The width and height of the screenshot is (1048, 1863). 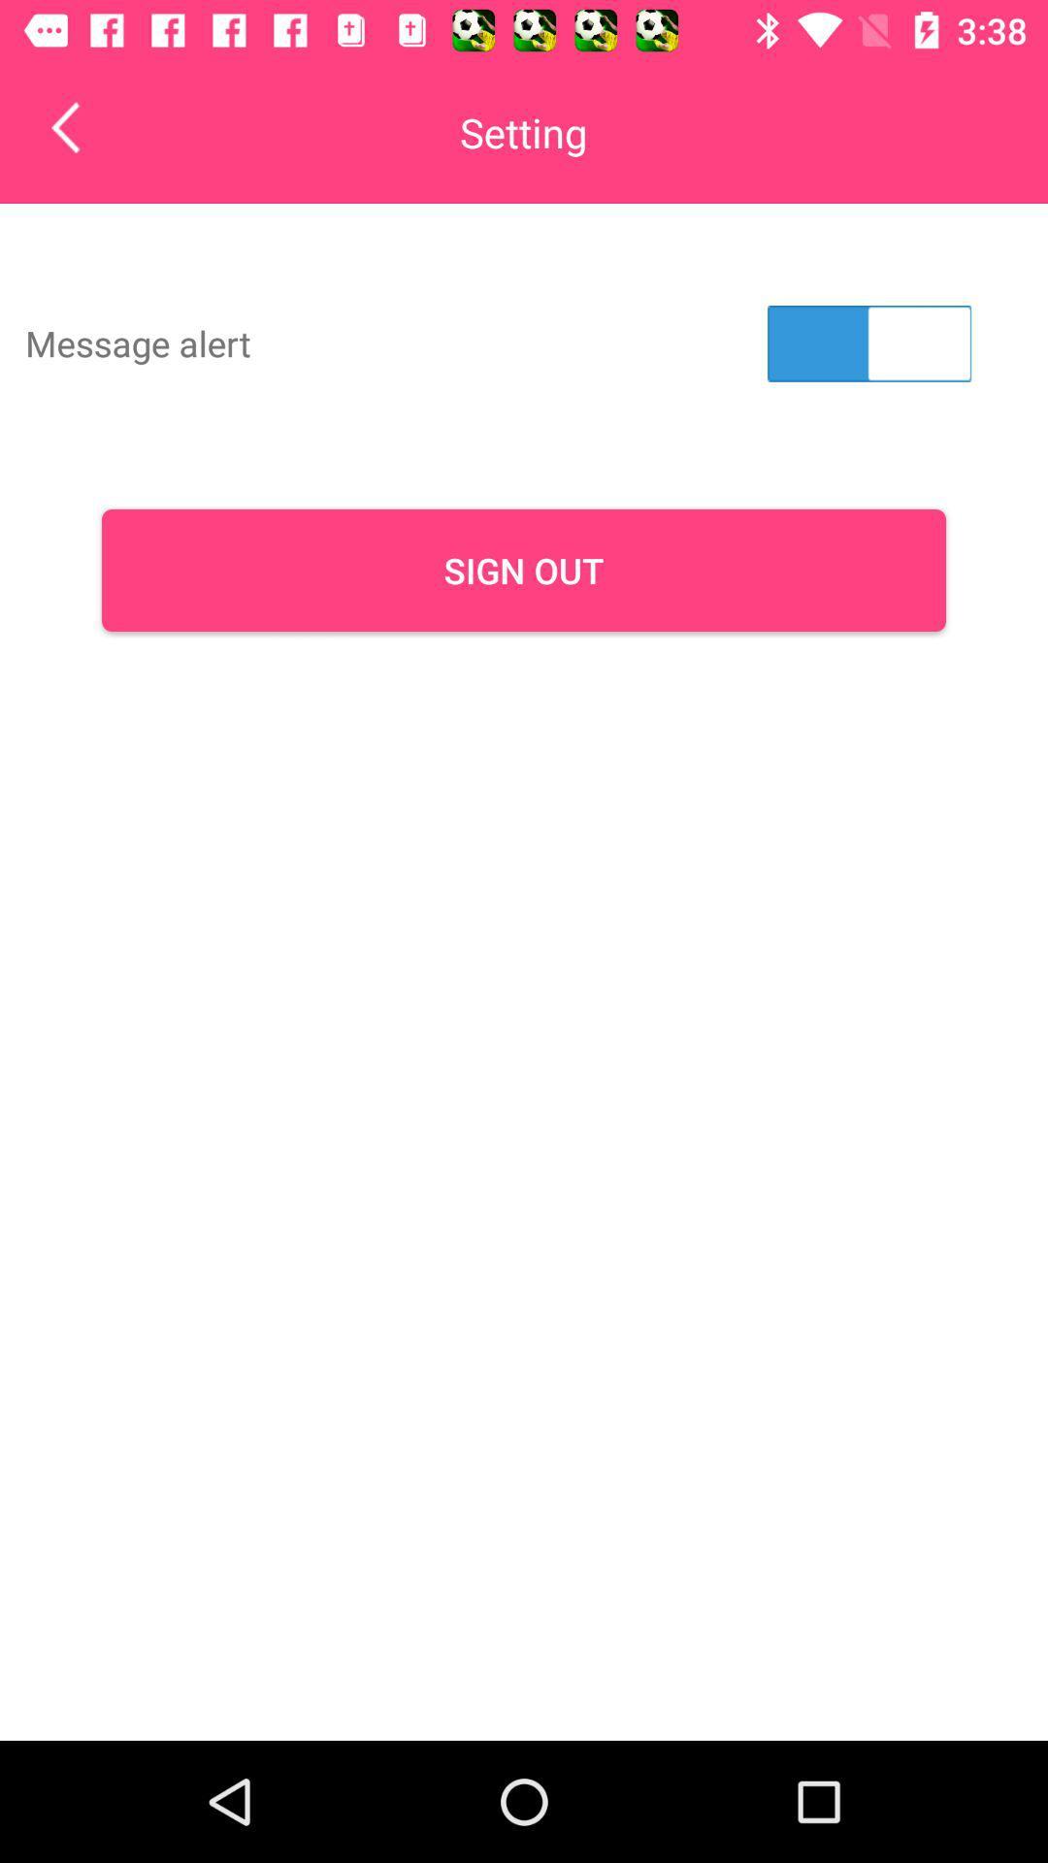 What do you see at coordinates (79, 126) in the screenshot?
I see `the item next to setting icon` at bounding box center [79, 126].